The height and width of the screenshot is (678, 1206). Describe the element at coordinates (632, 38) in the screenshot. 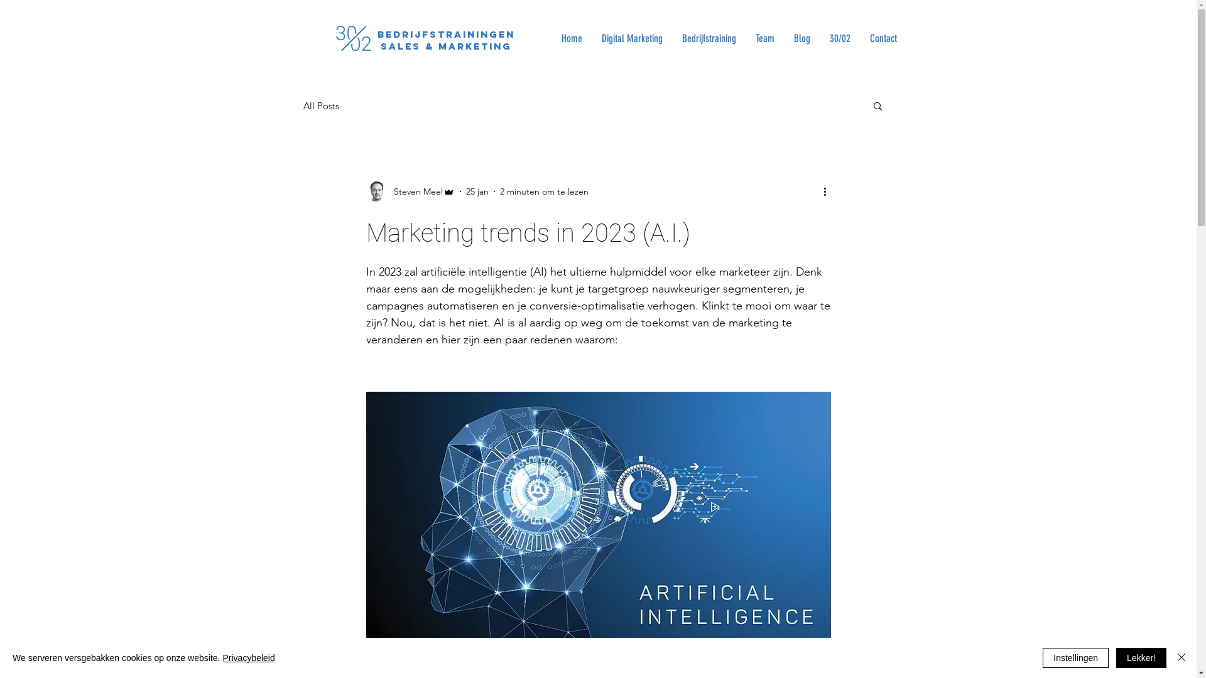

I see `'Digital Marketing'` at that location.